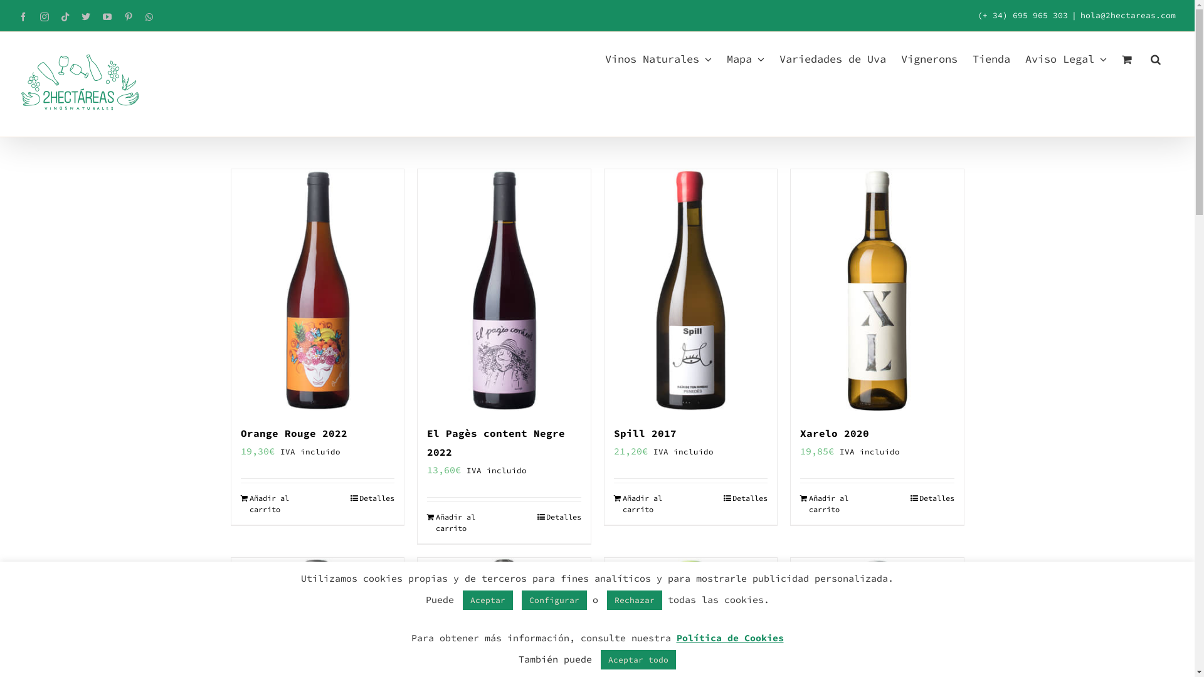  Describe the element at coordinates (149, 17) in the screenshot. I see `'WhatsApp'` at that location.